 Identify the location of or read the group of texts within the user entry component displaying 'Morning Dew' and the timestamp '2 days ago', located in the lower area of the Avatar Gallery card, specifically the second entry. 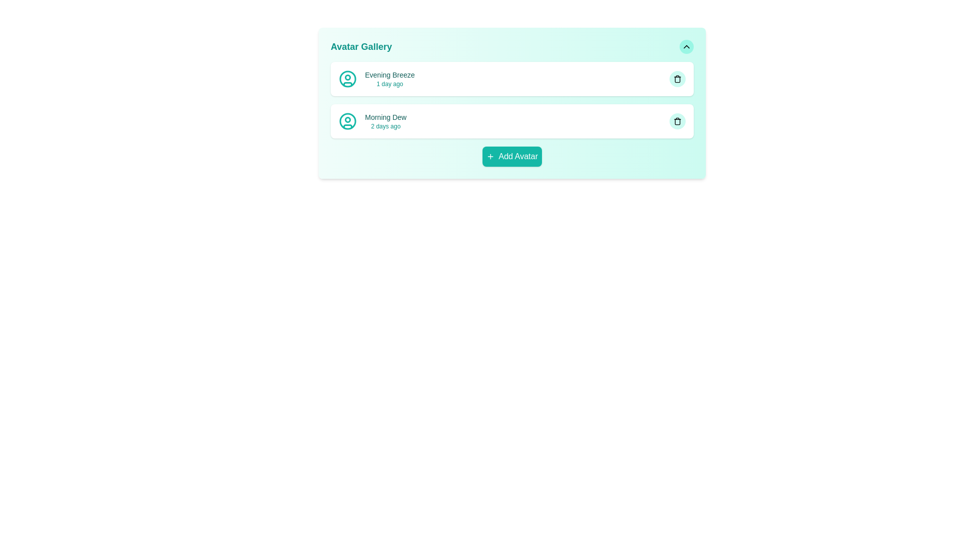
(385, 120).